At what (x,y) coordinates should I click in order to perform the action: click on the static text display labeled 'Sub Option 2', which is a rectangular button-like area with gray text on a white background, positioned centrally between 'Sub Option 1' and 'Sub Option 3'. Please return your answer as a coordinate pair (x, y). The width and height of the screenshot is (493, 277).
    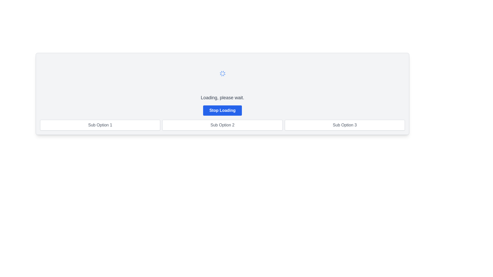
    Looking at the image, I should click on (222, 125).